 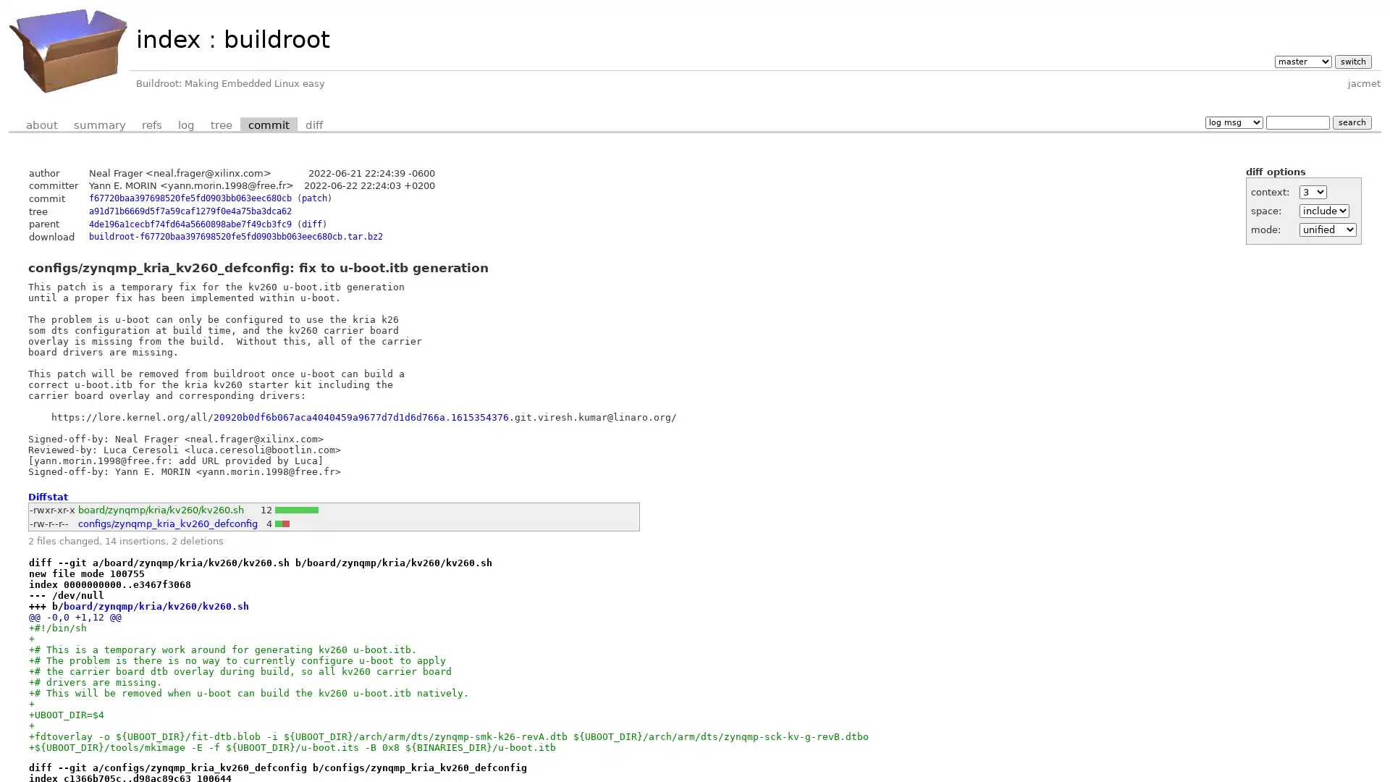 I want to click on switch, so click(x=1352, y=60).